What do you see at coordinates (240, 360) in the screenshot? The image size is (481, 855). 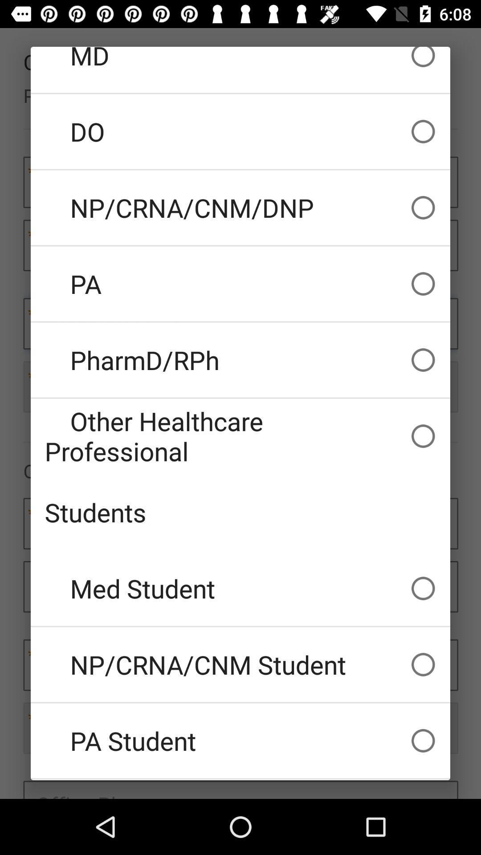 I see `the item above     other healthcare professional icon` at bounding box center [240, 360].